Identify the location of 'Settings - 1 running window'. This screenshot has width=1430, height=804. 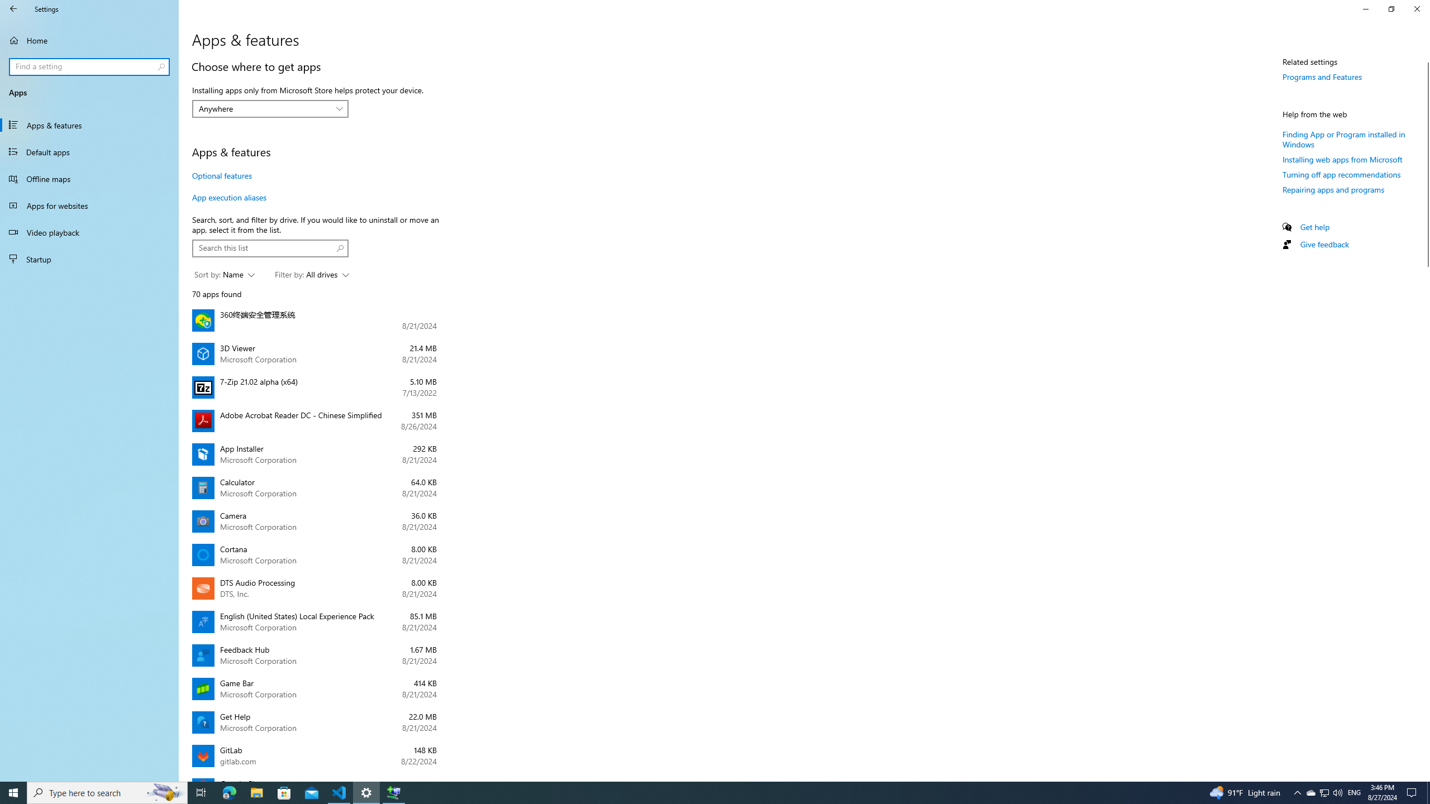
(366, 792).